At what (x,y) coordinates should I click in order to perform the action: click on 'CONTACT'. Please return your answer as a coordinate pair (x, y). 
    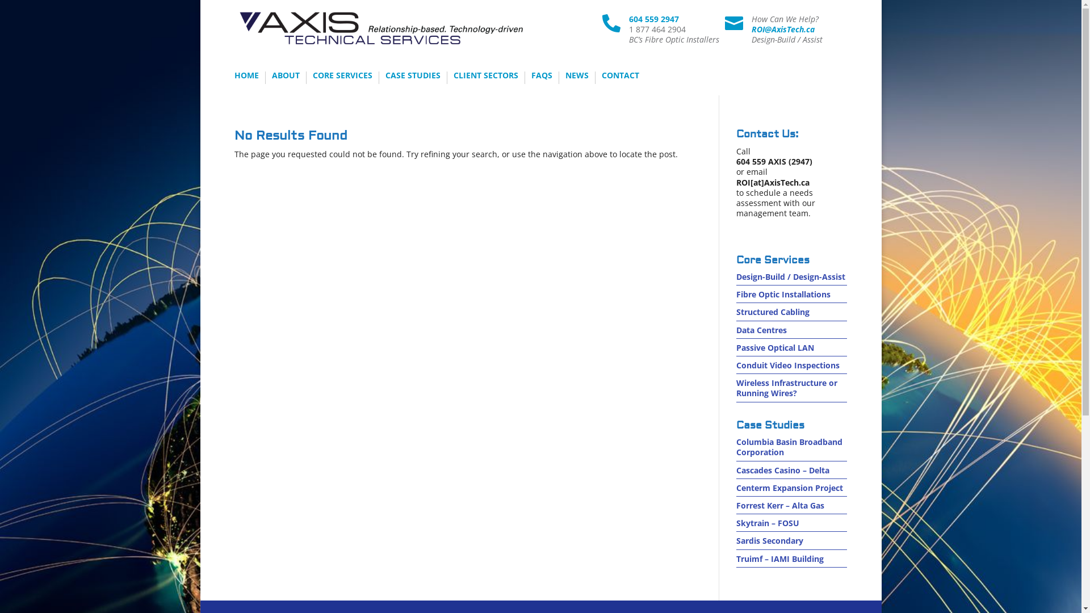
    Looking at the image, I should click on (601, 77).